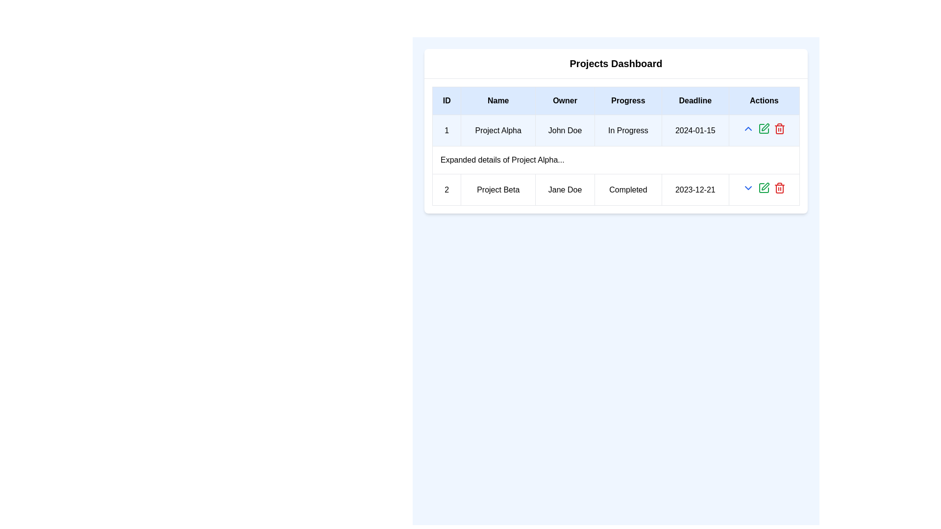  I want to click on the downward-facing chevron icon styled in blue located in the 'Actions' column of the second row of the table, which is positioned between a green pencil icon and a red trash bin icon, so click(748, 188).